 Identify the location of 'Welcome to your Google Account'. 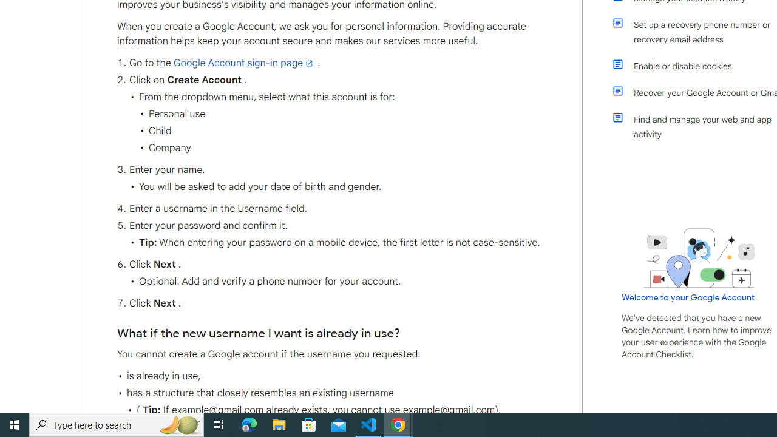
(688, 297).